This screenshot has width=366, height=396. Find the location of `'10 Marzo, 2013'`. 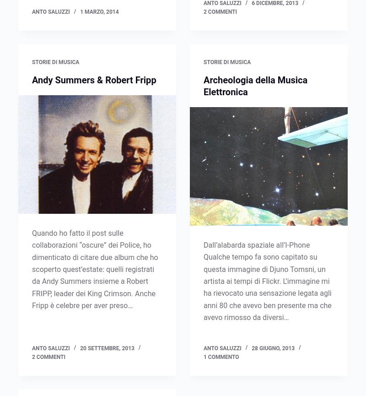

'10 Marzo, 2013' is located at coordinates (101, 62).